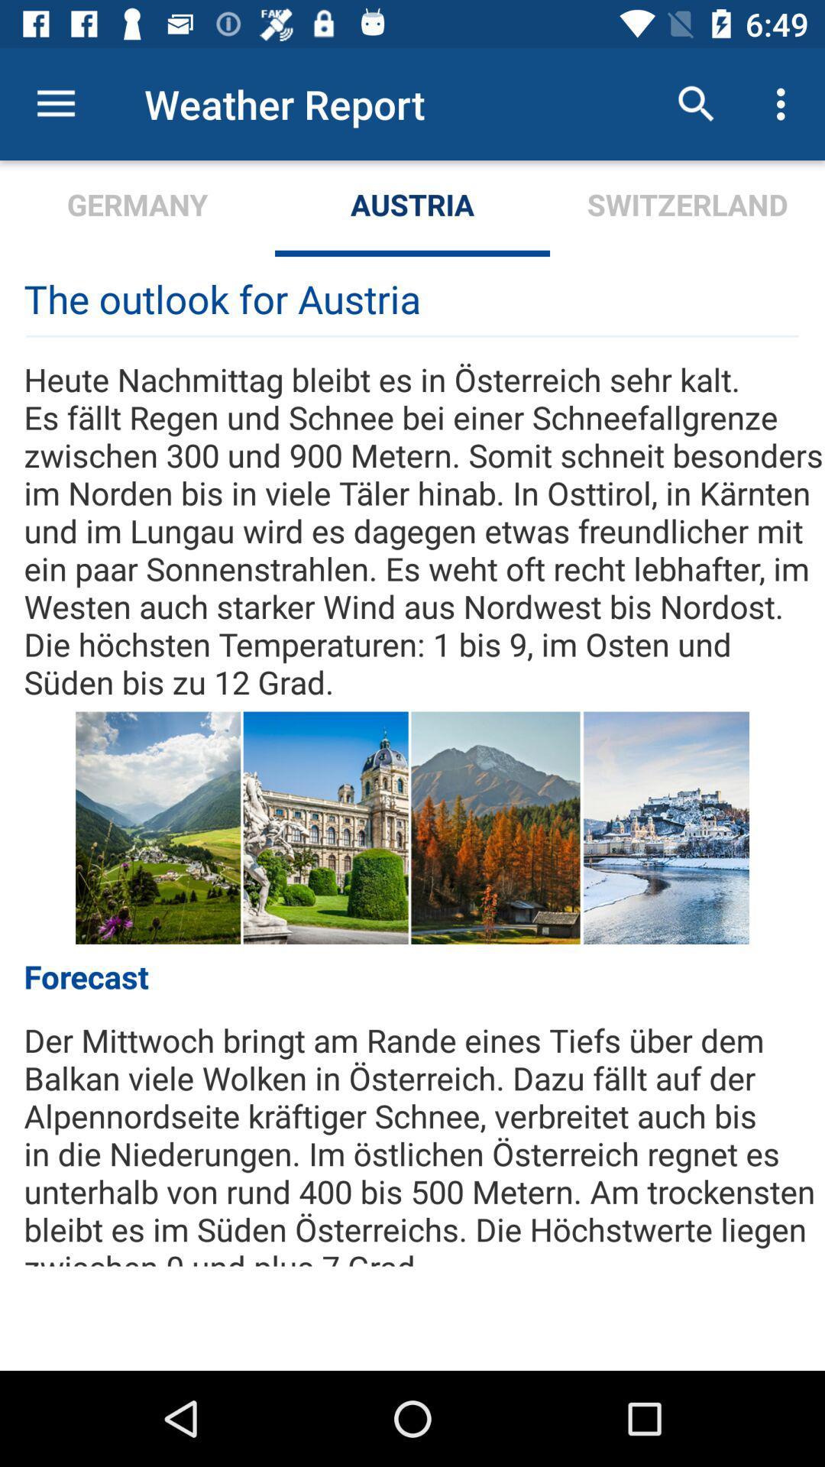 The height and width of the screenshot is (1467, 825). Describe the element at coordinates (137, 208) in the screenshot. I see `icon to the left of the austria icon` at that location.